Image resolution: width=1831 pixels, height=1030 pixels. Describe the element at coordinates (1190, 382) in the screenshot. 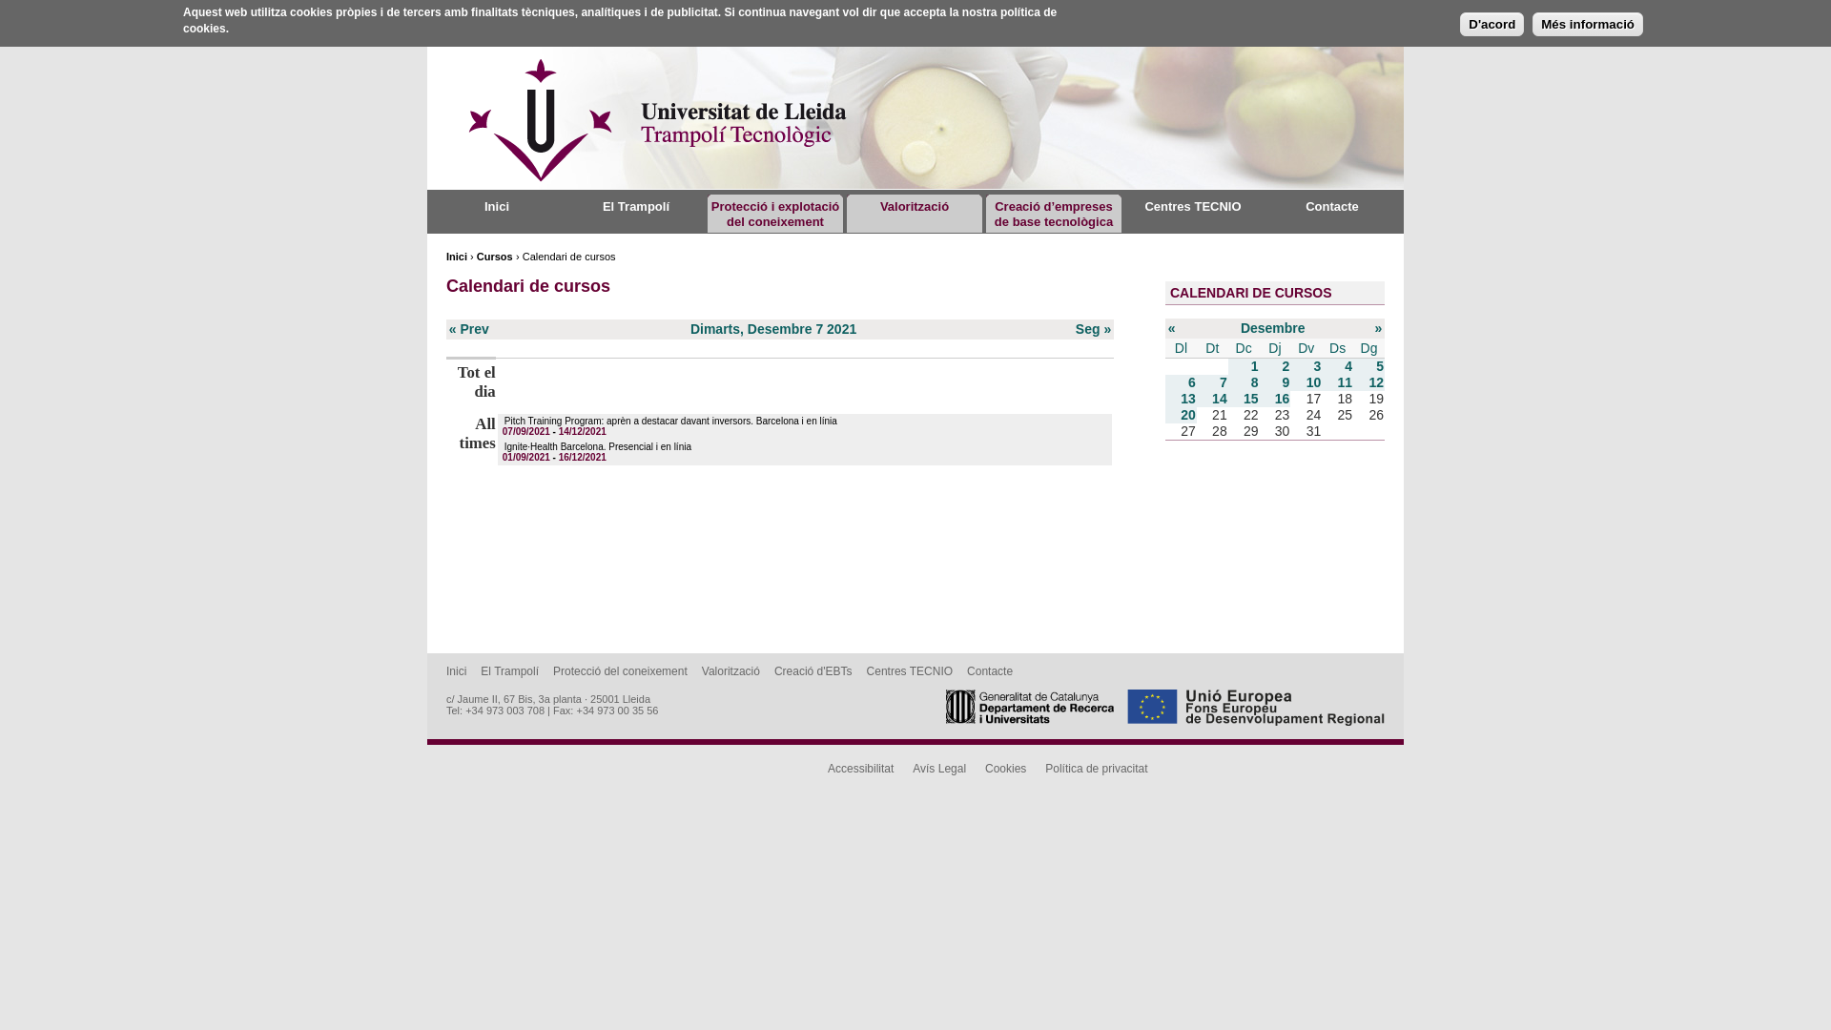

I see `'6'` at that location.